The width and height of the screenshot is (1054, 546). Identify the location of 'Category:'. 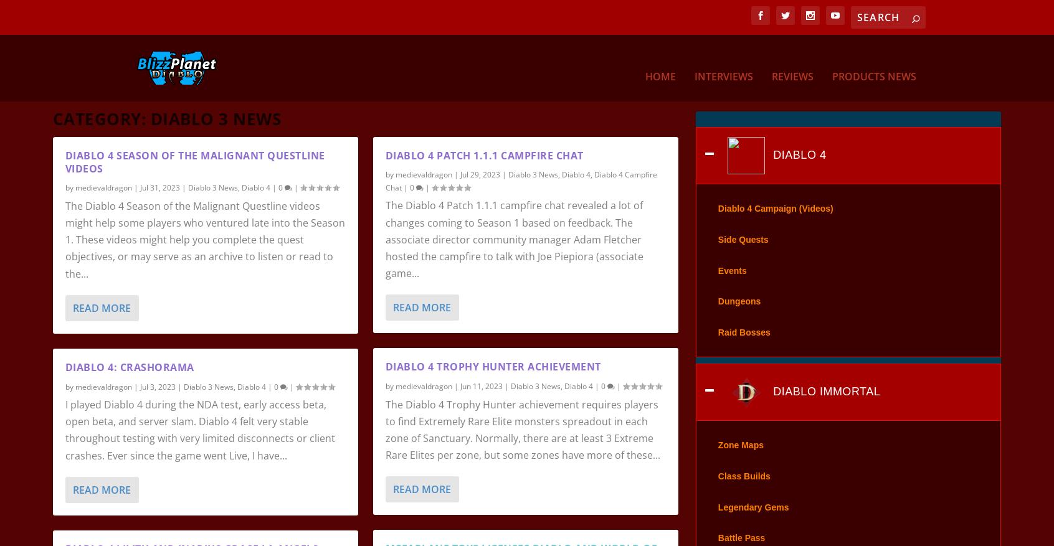
(100, 135).